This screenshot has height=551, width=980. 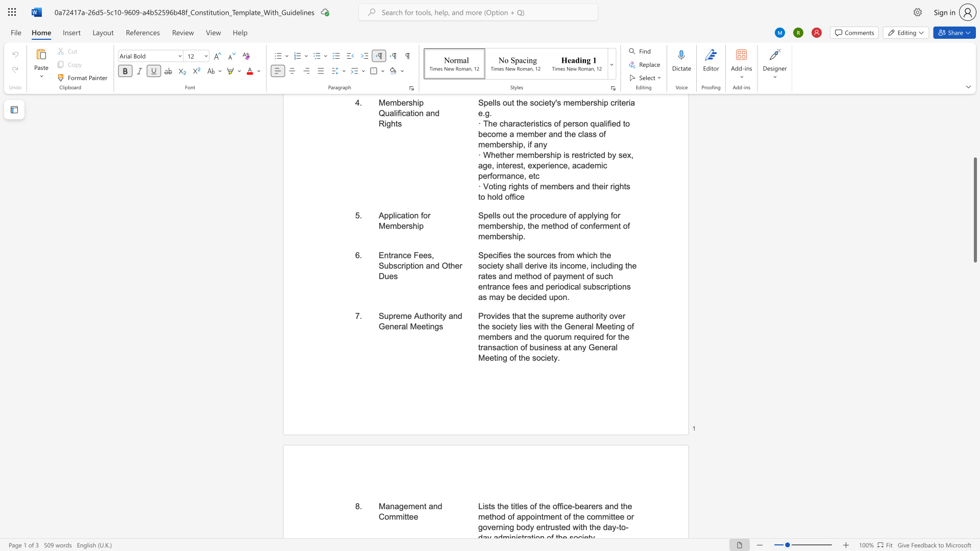 I want to click on the subset text "ting of members and the quorum required for the transaction of business at a" within the text "Provides that the supreme authority over the society lies with the General Meeting of members and the quorum required for the transaction of business at any General Meeting of the society.", so click(x=611, y=327).